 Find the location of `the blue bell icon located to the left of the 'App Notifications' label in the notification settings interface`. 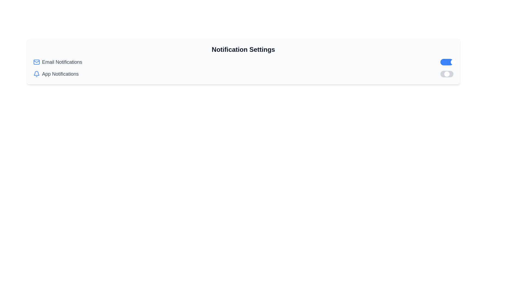

the blue bell icon located to the left of the 'App Notifications' label in the notification settings interface is located at coordinates (36, 73).